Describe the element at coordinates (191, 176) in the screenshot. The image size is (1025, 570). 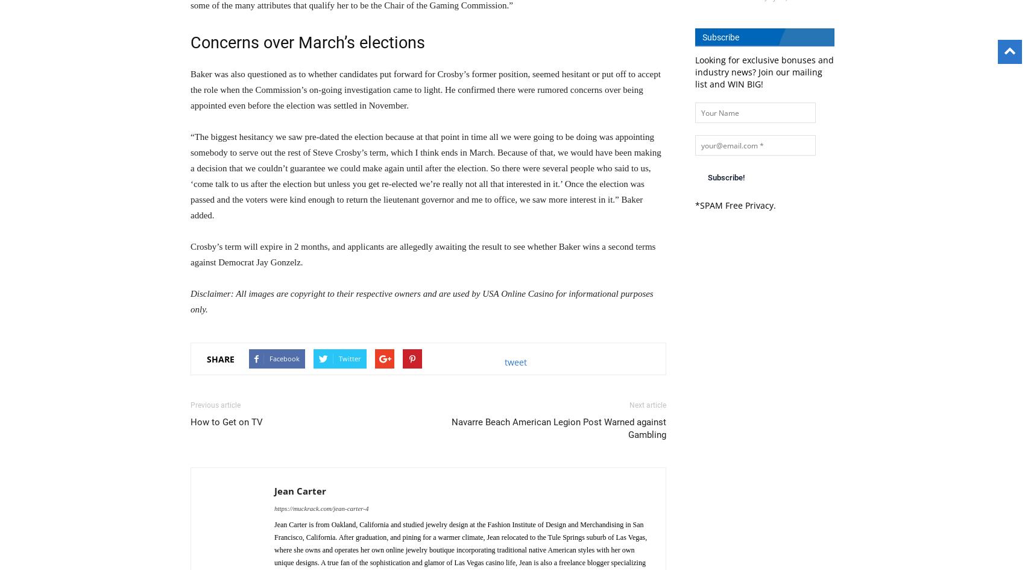
I see `'“The biggest hesitancy we saw pre-dated the election because at that point in time all we were going to be doing was appointing somebody to serve out the rest of Steve Crosby’s term, which I think ends in March. Because of that, we would have been making a decision that we couldn’t guarantee we could make again until after the election. So there were several people who said to us, ‘come talk to us after the election but unless you get re-elected we’re really not all that interested in it.’ Once the election was passed and the voters were kind enough to return the lieutenant governor and me to office, we saw more interest in it.” Baker added.'` at that location.